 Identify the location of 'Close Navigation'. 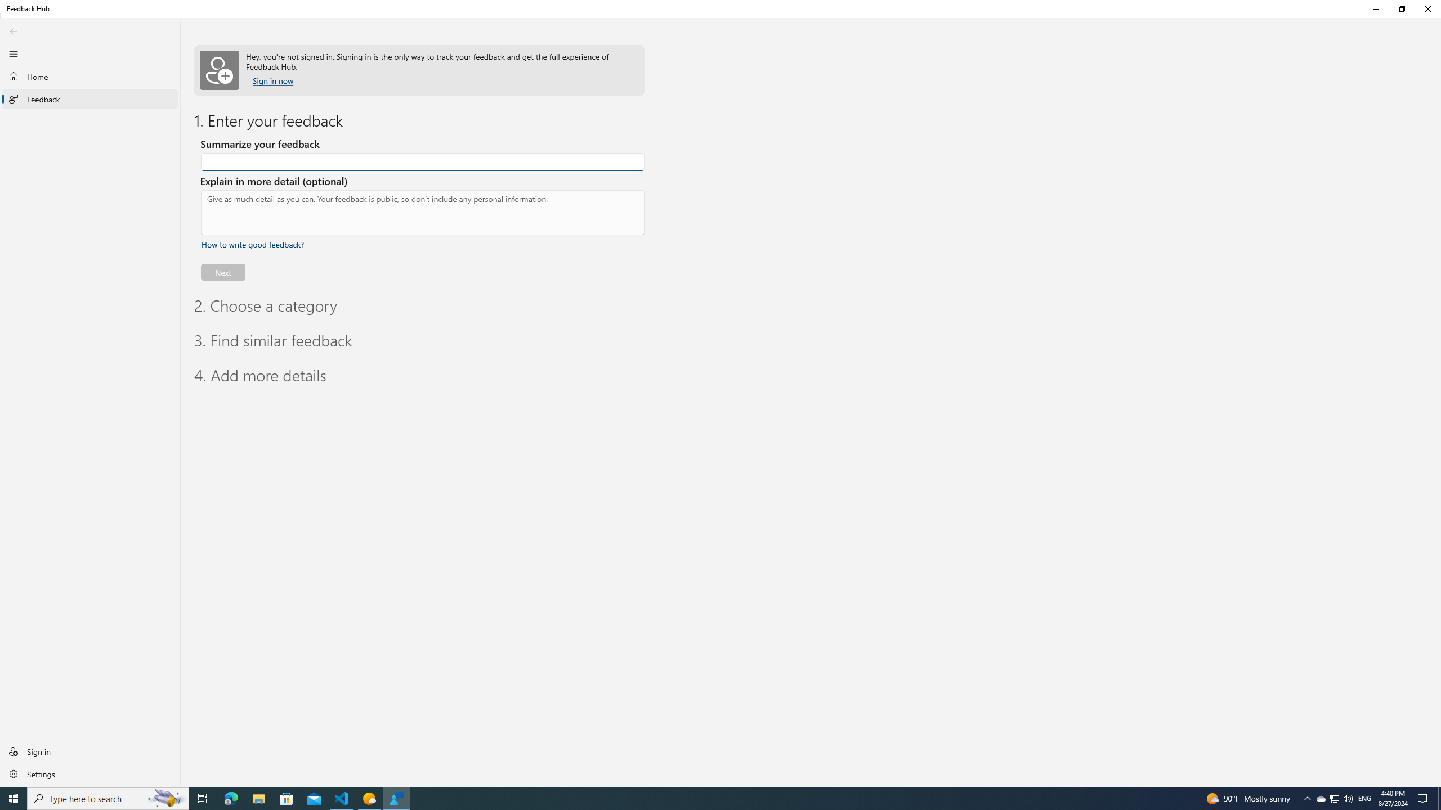
(14, 53).